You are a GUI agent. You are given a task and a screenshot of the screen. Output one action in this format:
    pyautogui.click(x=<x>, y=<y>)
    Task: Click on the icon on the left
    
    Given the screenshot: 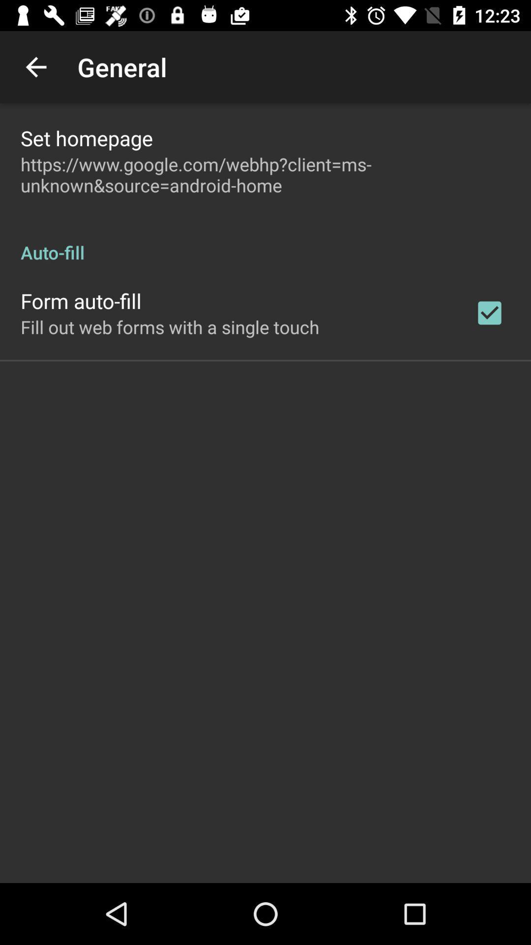 What is the action you would take?
    pyautogui.click(x=169, y=327)
    